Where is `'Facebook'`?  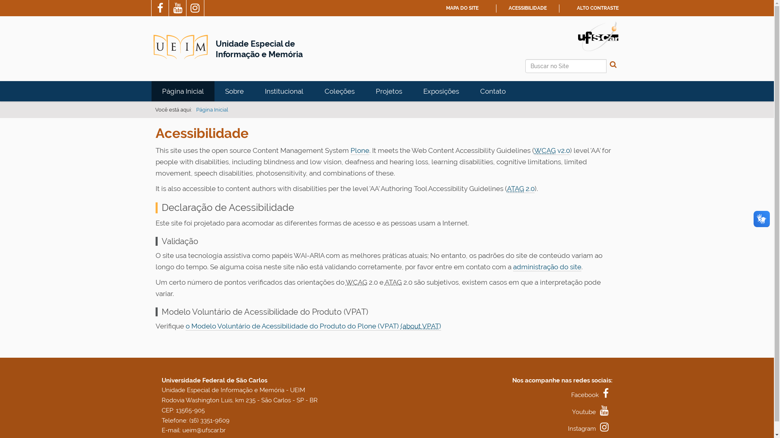
'Facebook' is located at coordinates (592, 395).